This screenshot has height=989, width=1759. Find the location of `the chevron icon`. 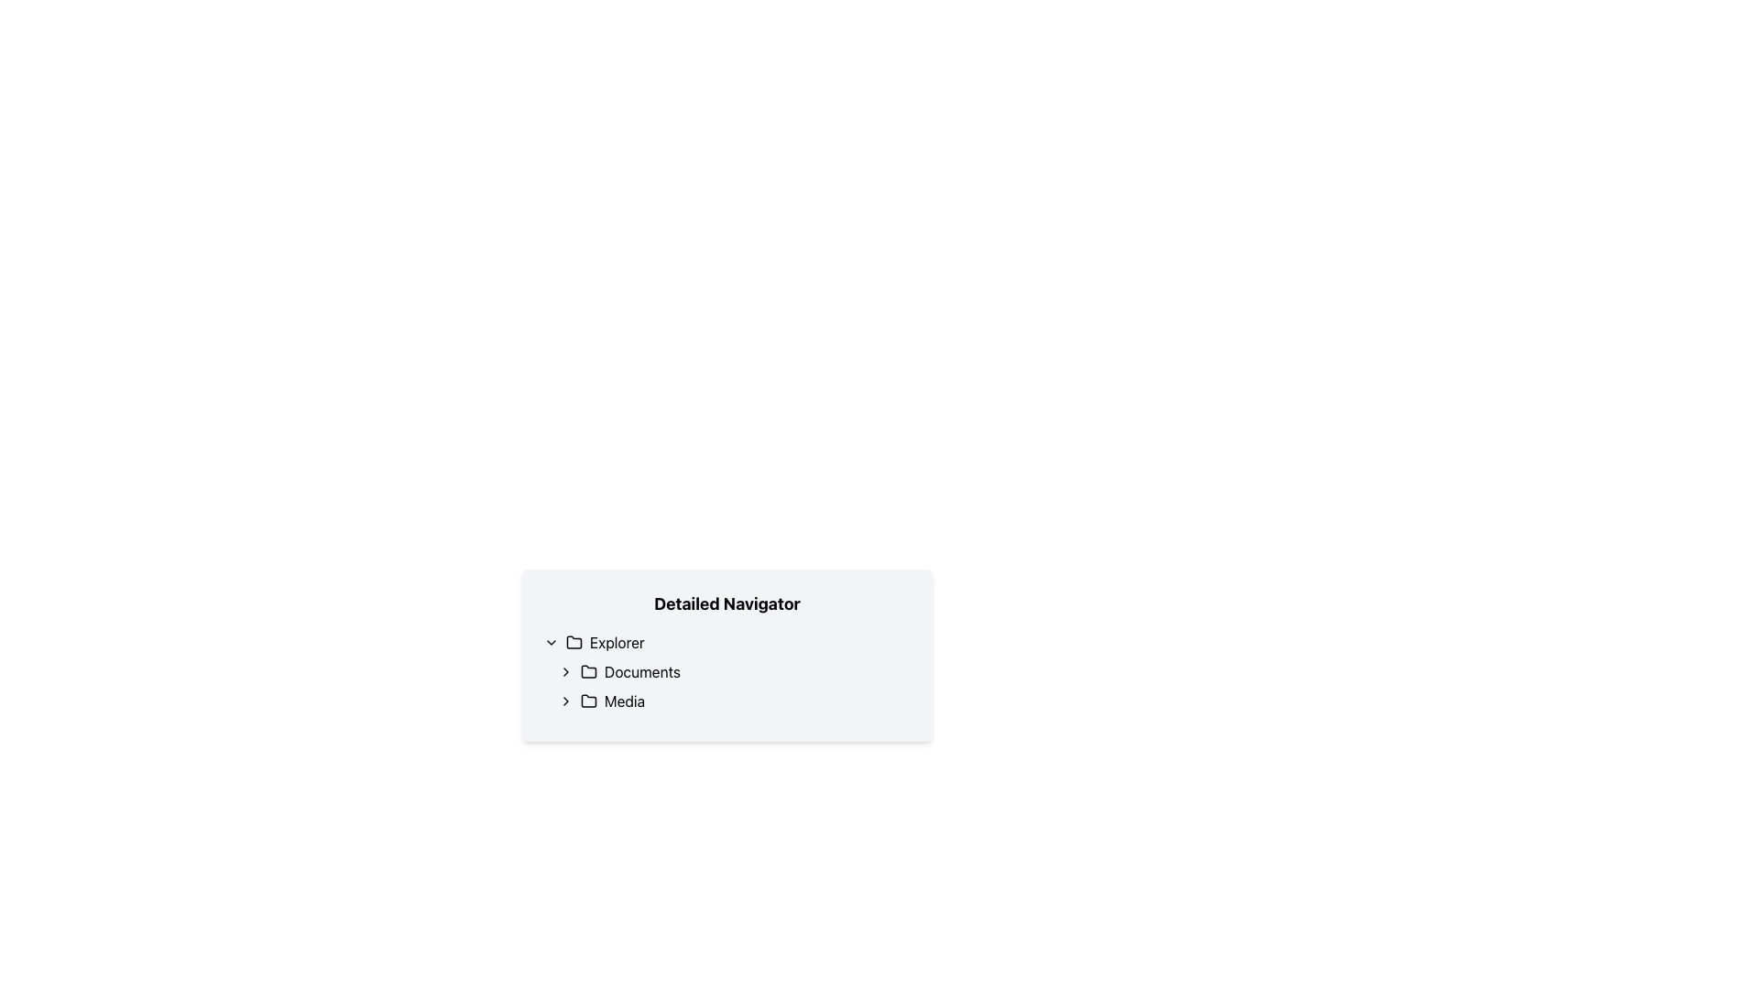

the chevron icon is located at coordinates (565, 701).